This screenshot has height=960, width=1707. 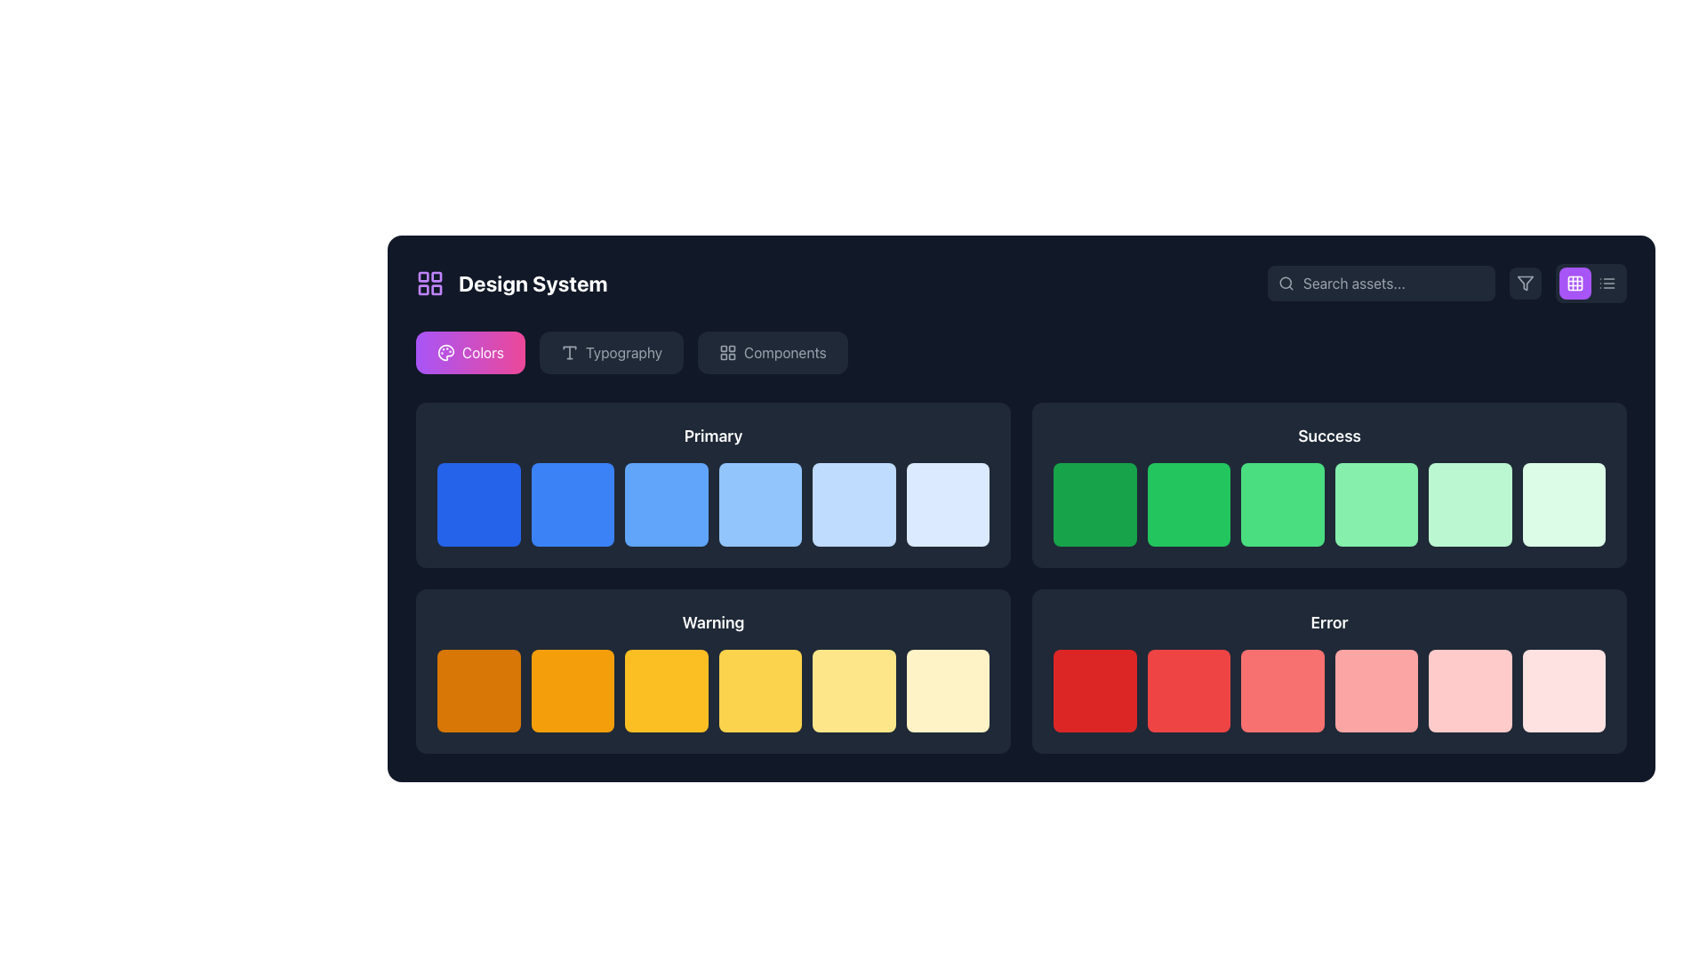 I want to click on the square-shaped button with a soft red background located in the 'Error' section as the last item in its row to gain accessibility interactions, so click(x=1563, y=690).